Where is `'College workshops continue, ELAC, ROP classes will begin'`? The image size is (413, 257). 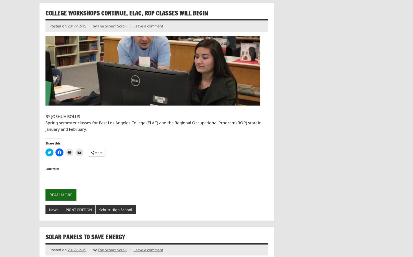
'College workshops continue, ELAC, ROP classes will begin' is located at coordinates (126, 13).